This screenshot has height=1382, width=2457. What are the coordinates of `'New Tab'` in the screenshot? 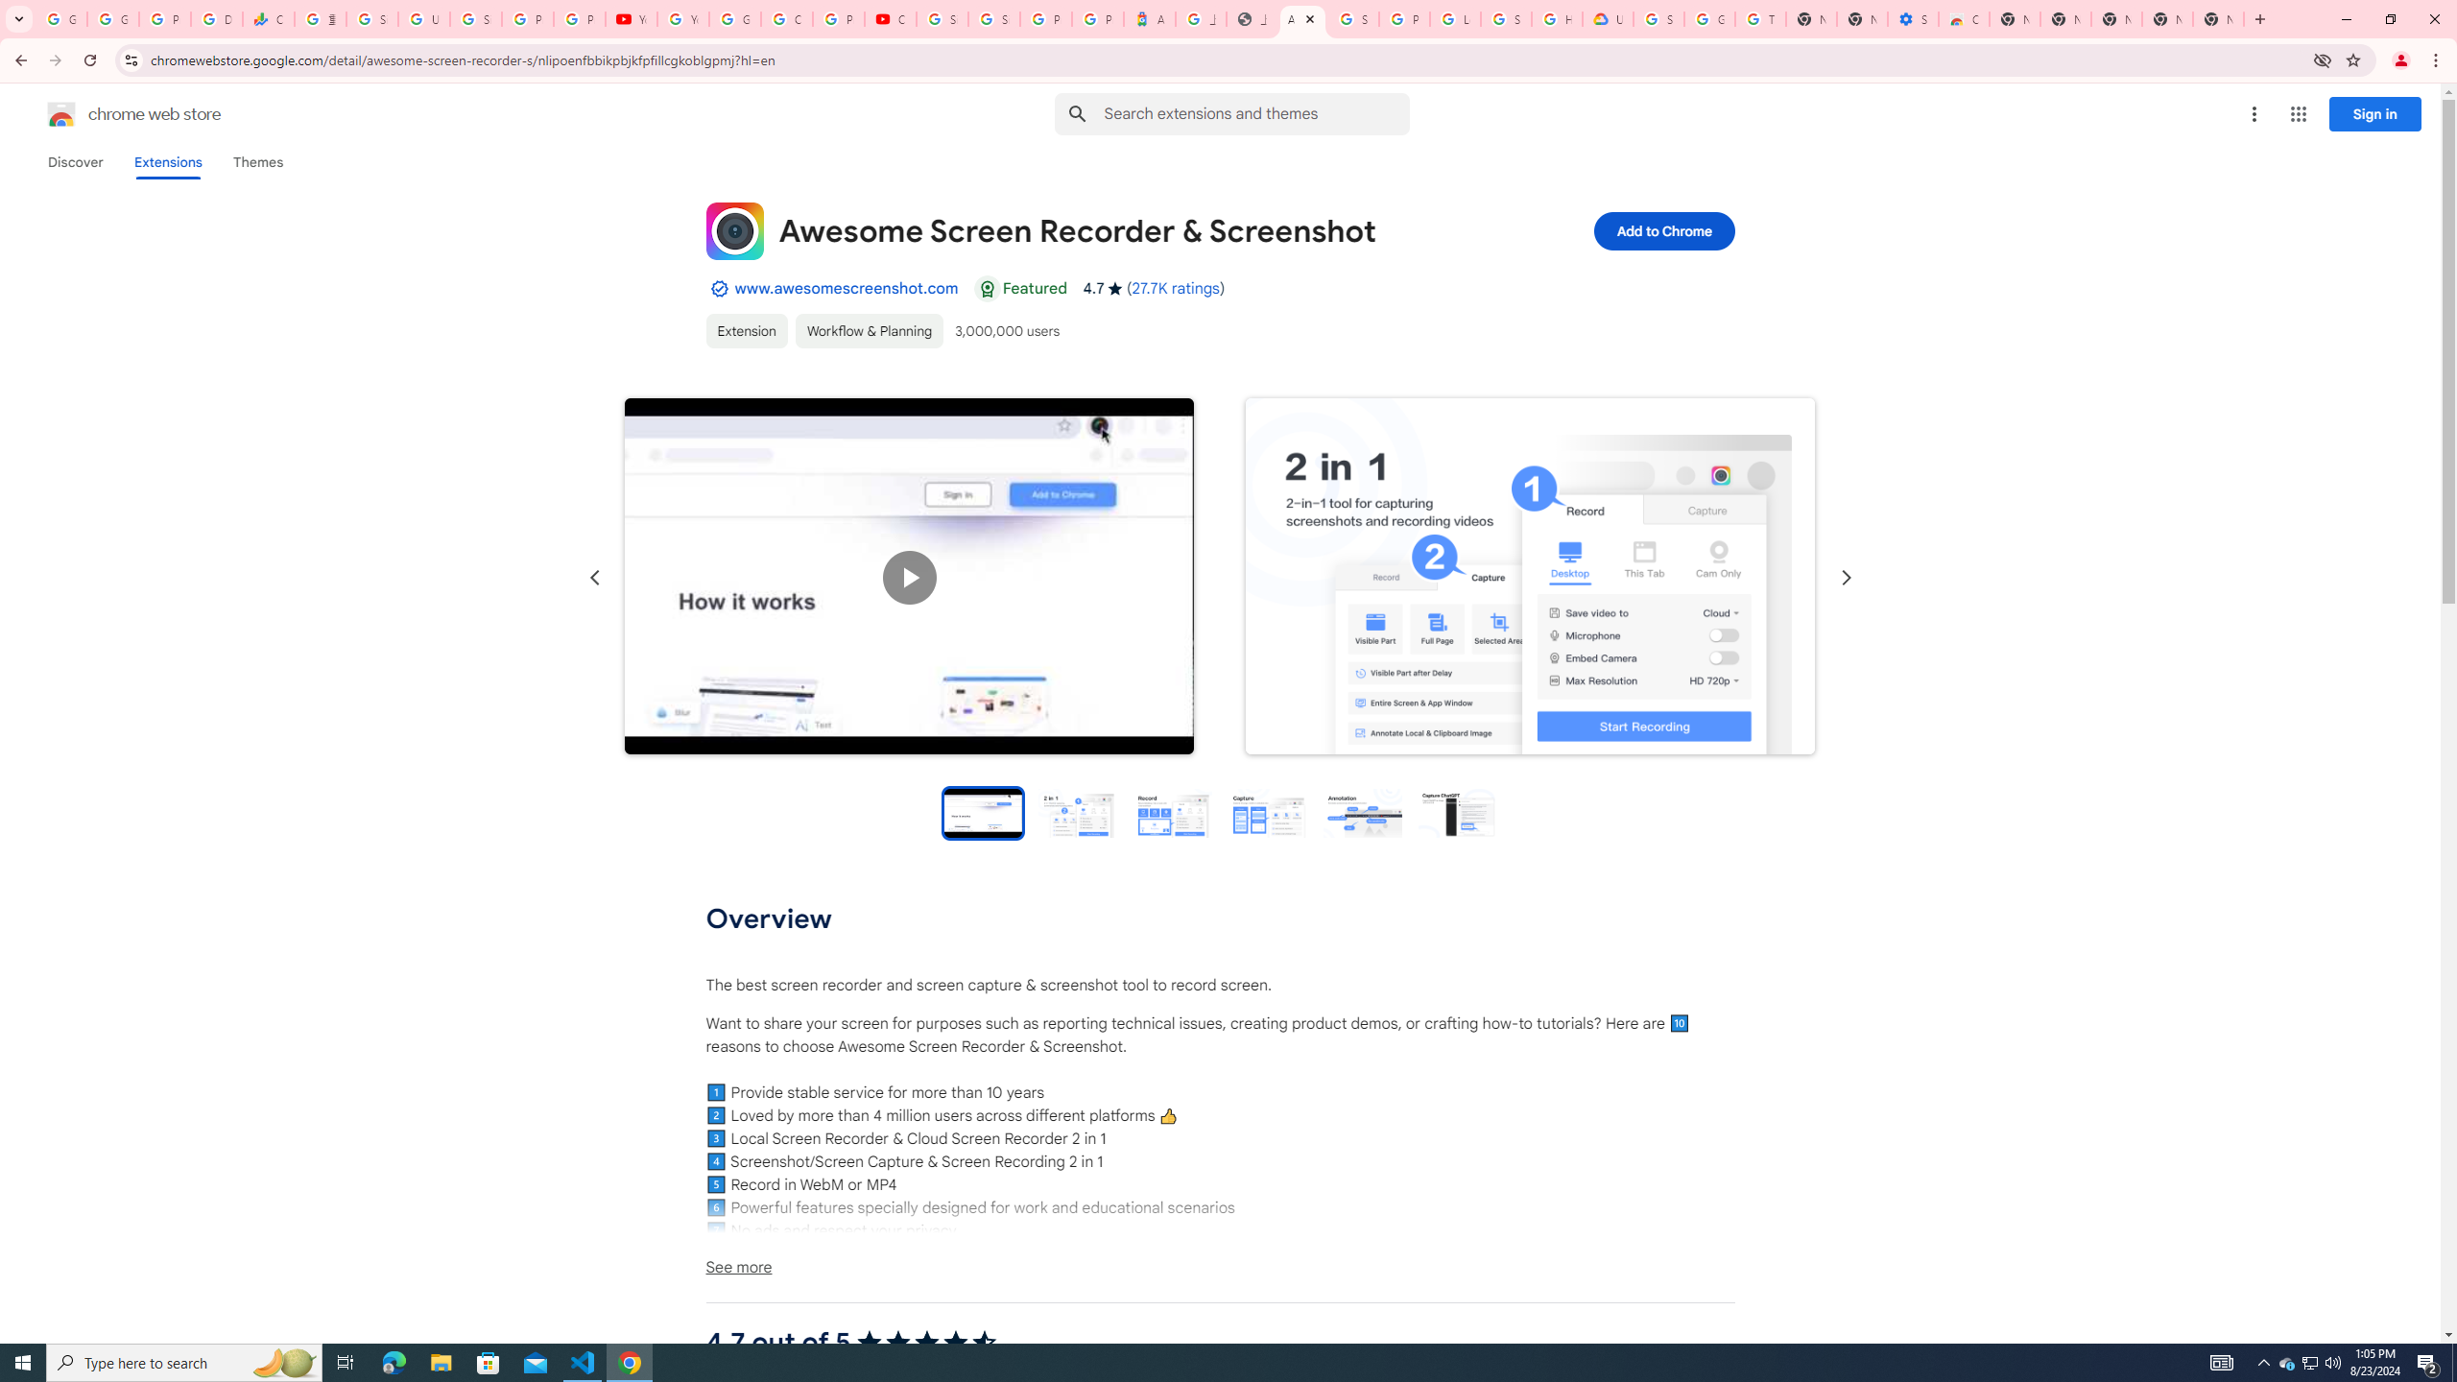 It's located at (2218, 18).